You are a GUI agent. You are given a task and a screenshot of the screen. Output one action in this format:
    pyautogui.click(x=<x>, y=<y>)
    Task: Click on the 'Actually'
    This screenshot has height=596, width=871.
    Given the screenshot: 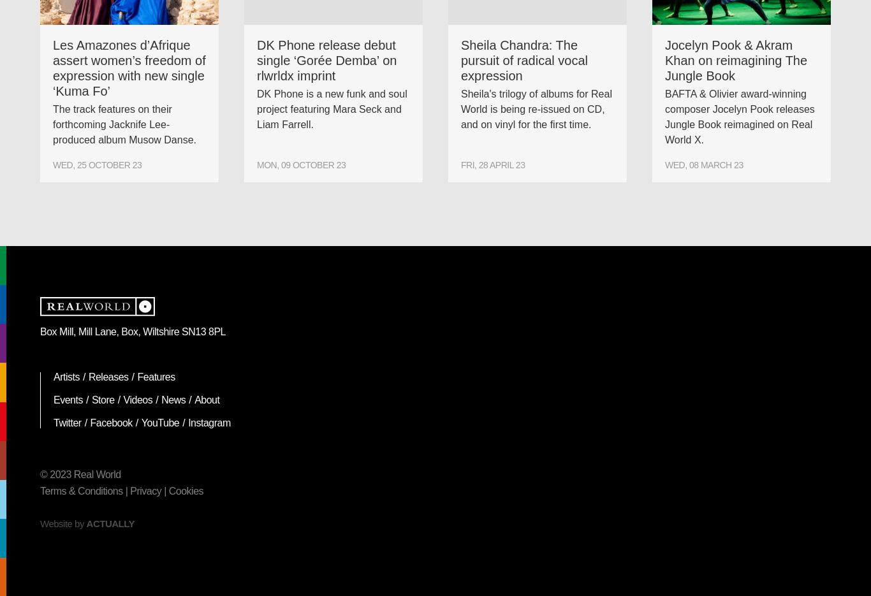 What is the action you would take?
    pyautogui.click(x=109, y=523)
    